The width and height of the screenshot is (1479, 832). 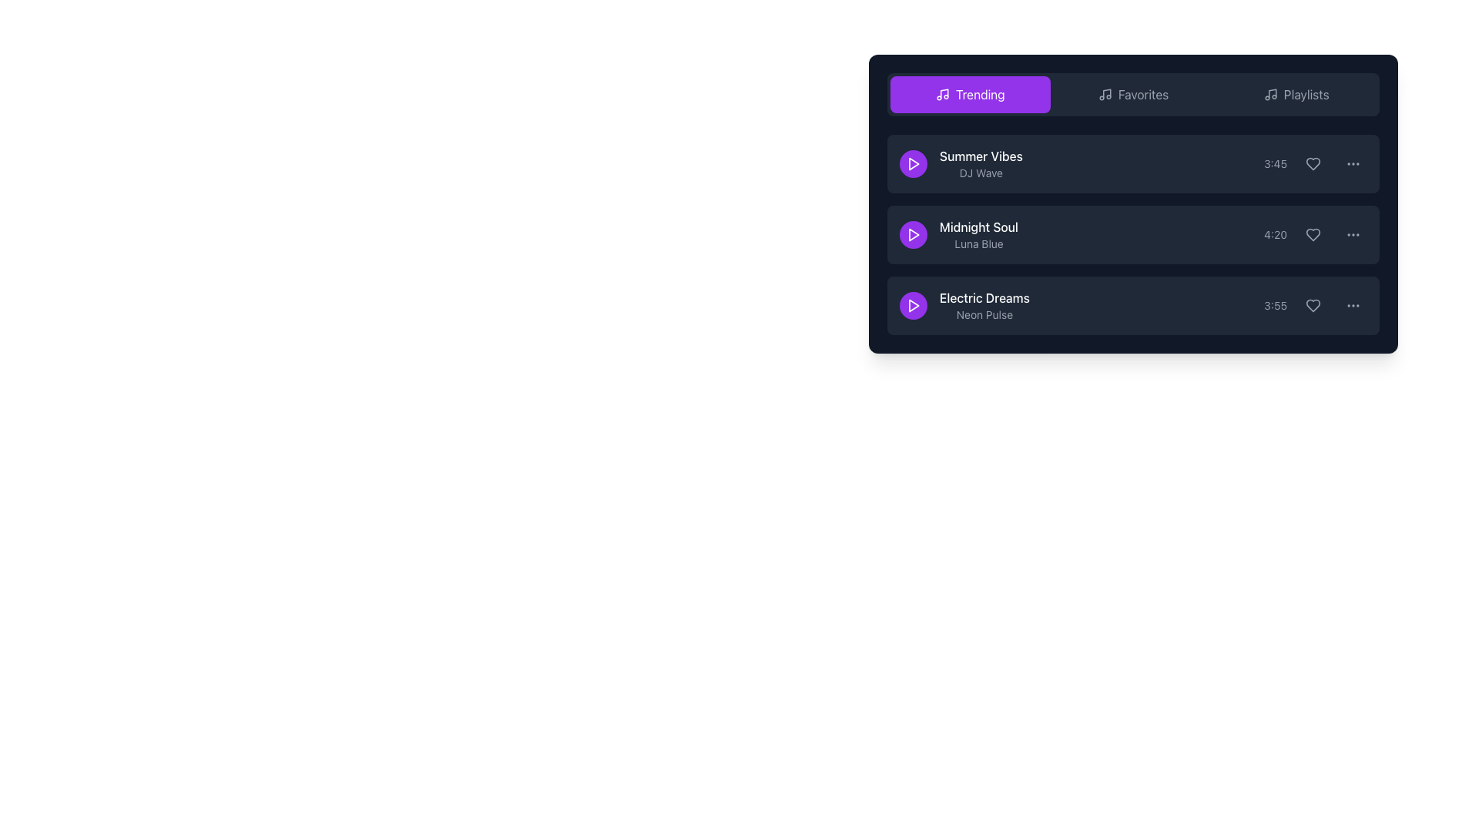 I want to click on the button represented by an icon of three vertical dots in a circular background, which highlights upon hovering, so click(x=1352, y=163).